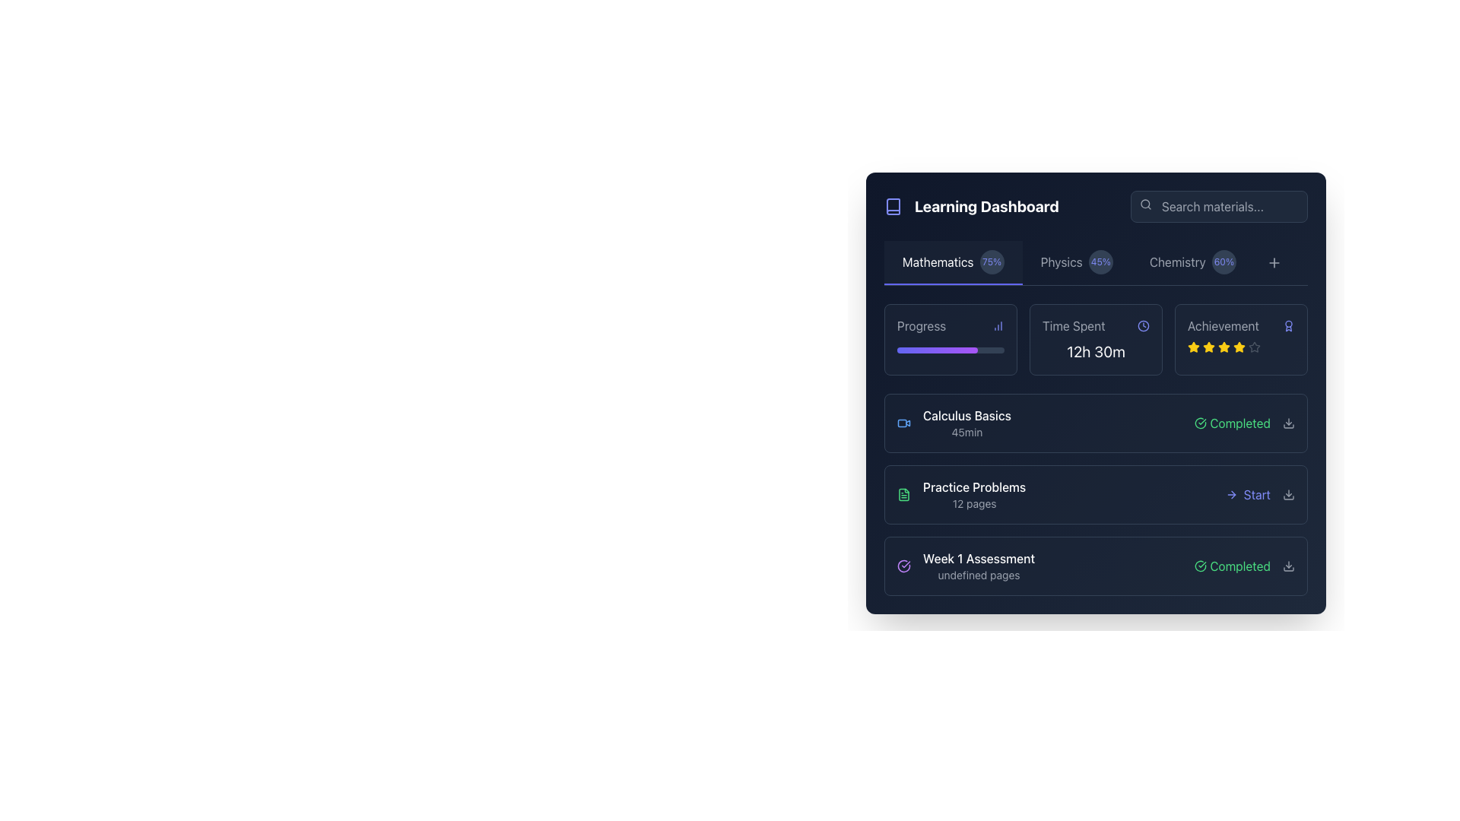 The width and height of the screenshot is (1460, 821). I want to click on the small circular button with a '+' icon located at the top-right side of the header navigation section, adjacent to the 'Chemistry' subject indicator, so click(1274, 262).